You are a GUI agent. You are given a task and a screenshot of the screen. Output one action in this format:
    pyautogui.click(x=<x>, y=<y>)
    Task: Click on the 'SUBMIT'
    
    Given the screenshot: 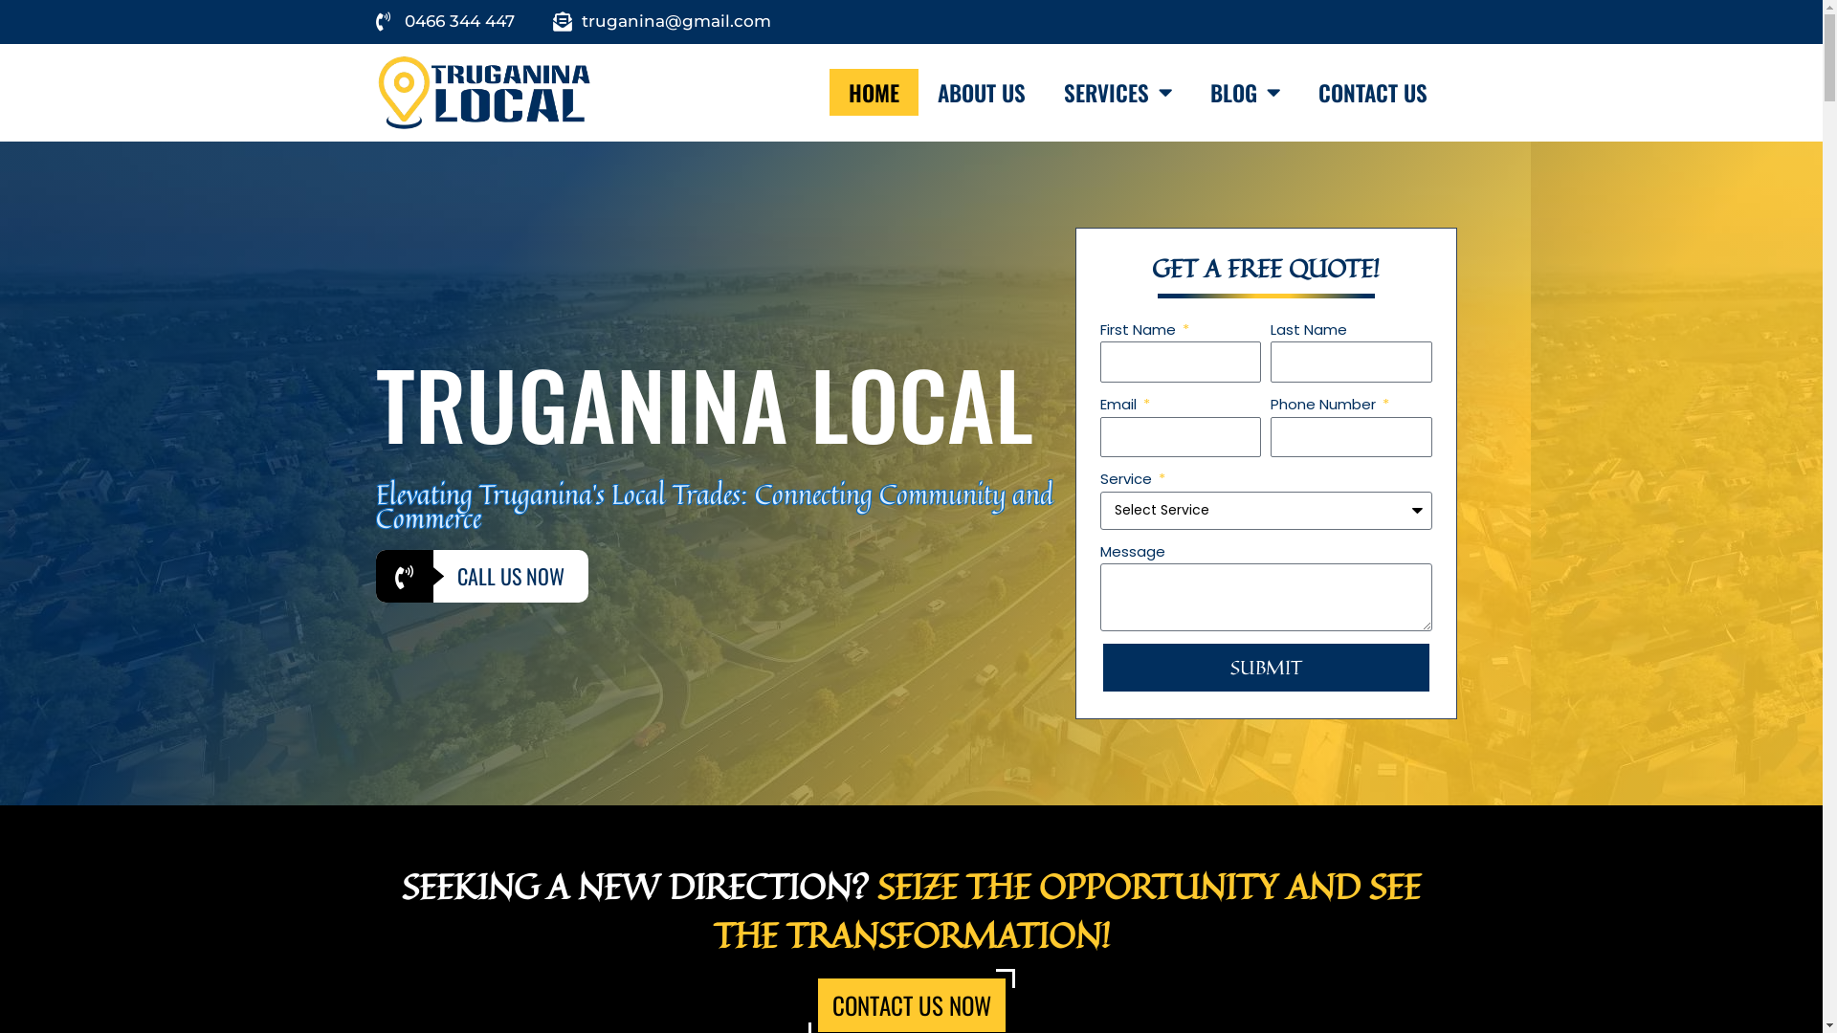 What is the action you would take?
    pyautogui.click(x=1266, y=667)
    